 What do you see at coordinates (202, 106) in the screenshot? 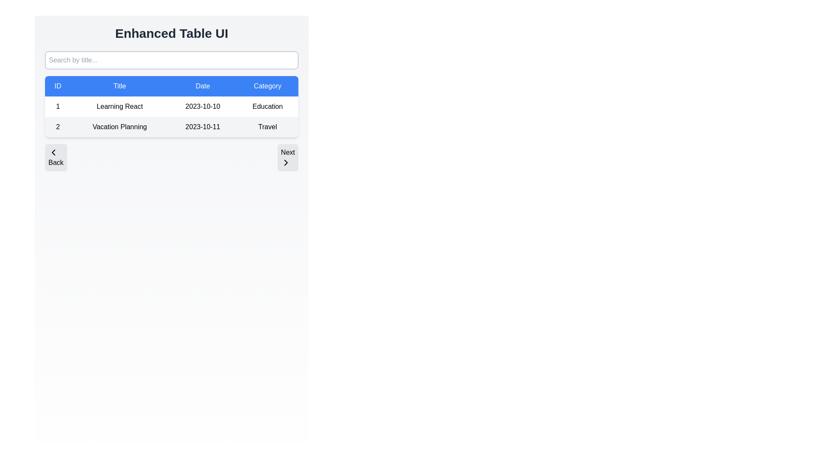
I see `the date entry text label in the first row of the table, located in the third column under the 'Date' header` at bounding box center [202, 106].